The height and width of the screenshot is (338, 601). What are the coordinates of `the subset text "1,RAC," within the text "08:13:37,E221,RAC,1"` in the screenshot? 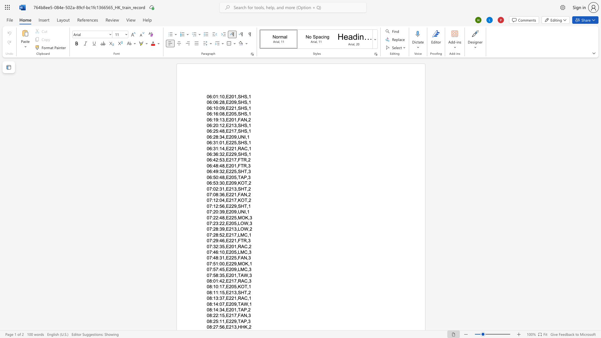 It's located at (234, 298).